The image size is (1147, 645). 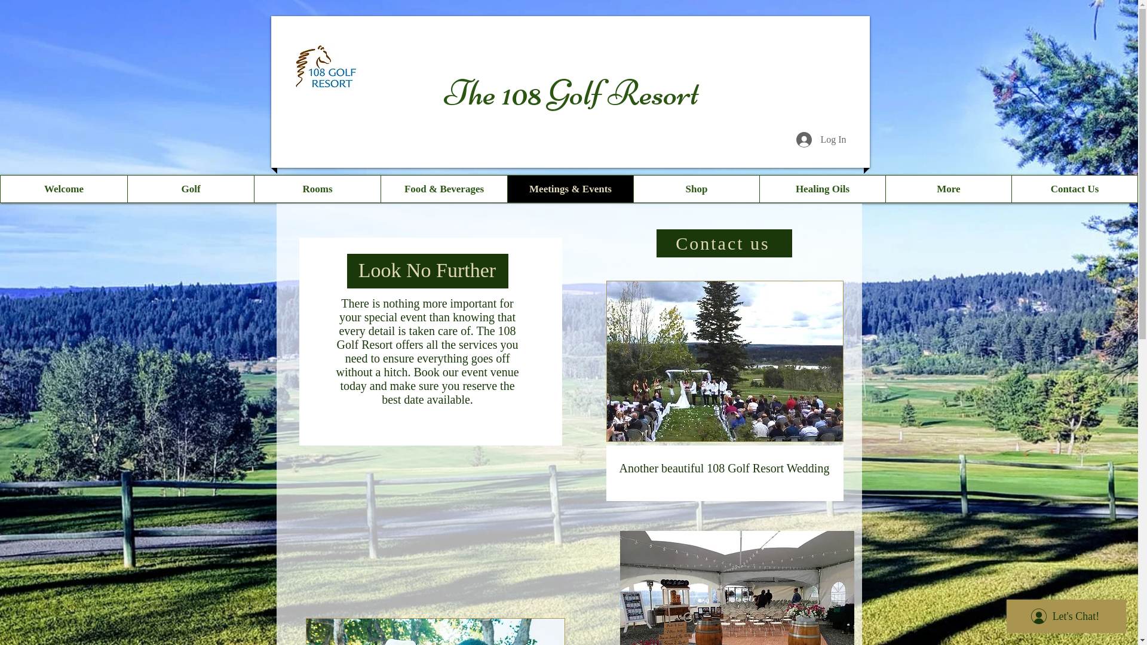 I want to click on 'More', so click(x=947, y=188).